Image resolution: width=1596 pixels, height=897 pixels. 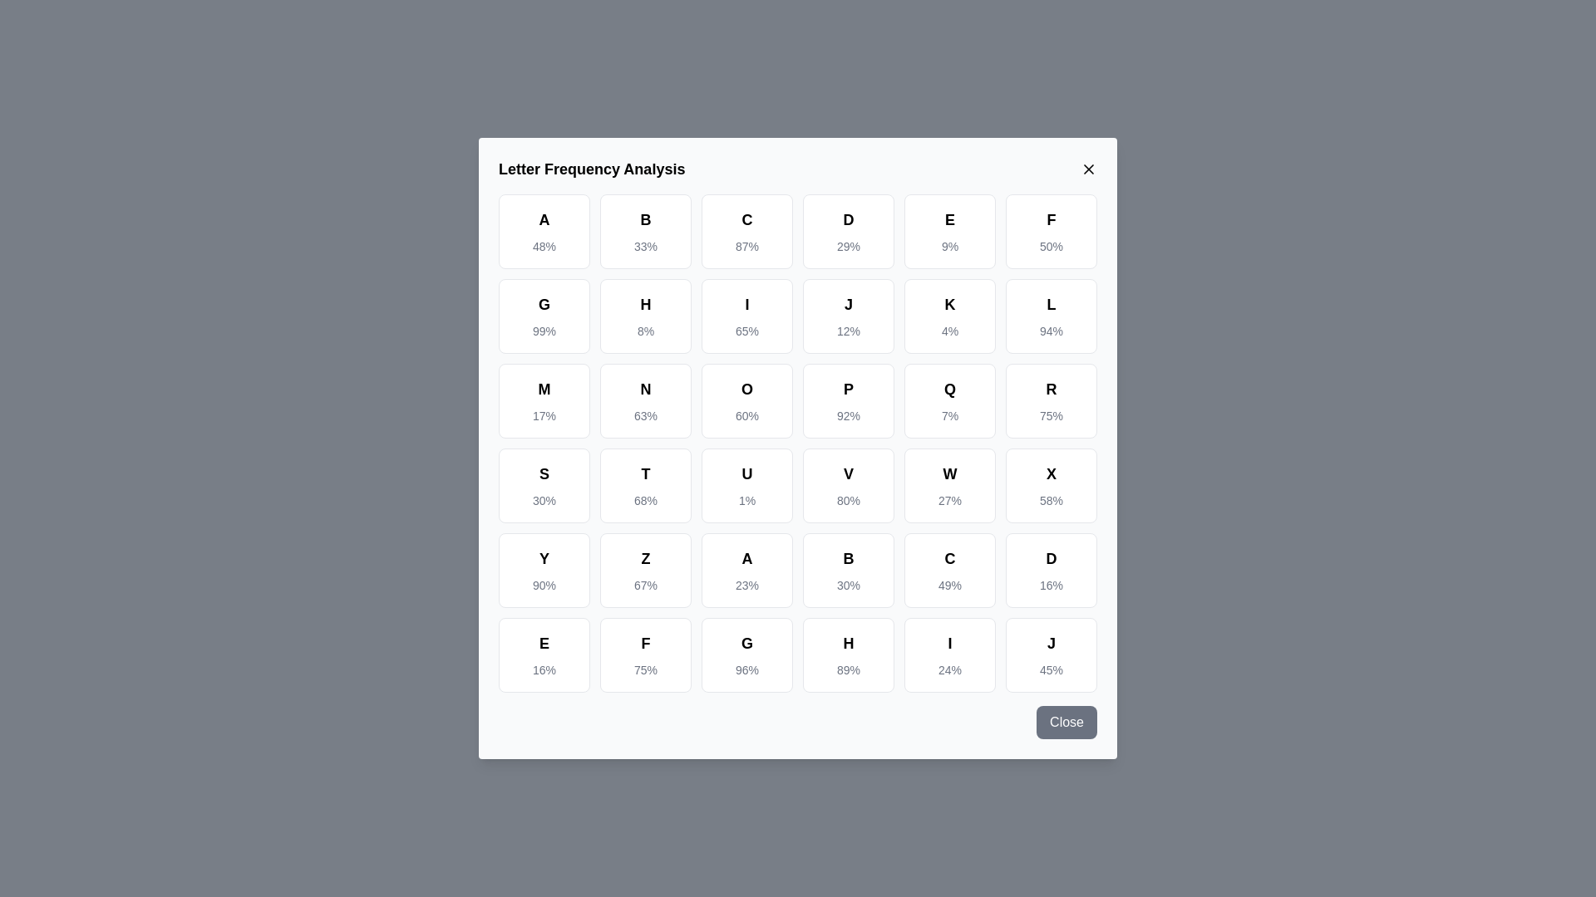 What do you see at coordinates (544, 569) in the screenshot?
I see `the letter cell corresponding to Y` at bounding box center [544, 569].